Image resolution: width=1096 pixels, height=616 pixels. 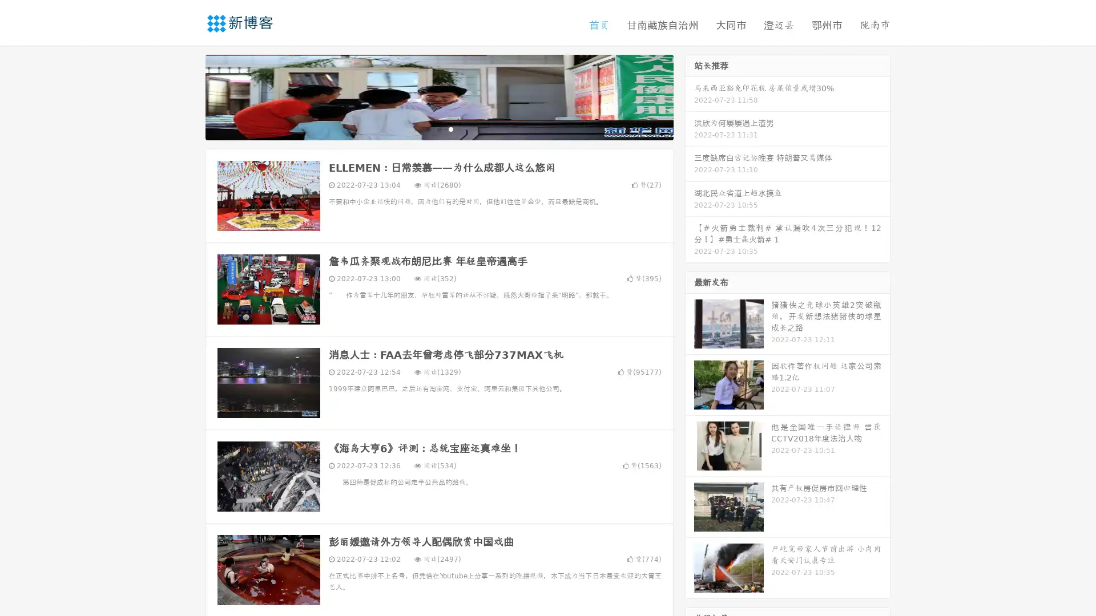 I want to click on Next slide, so click(x=690, y=96).